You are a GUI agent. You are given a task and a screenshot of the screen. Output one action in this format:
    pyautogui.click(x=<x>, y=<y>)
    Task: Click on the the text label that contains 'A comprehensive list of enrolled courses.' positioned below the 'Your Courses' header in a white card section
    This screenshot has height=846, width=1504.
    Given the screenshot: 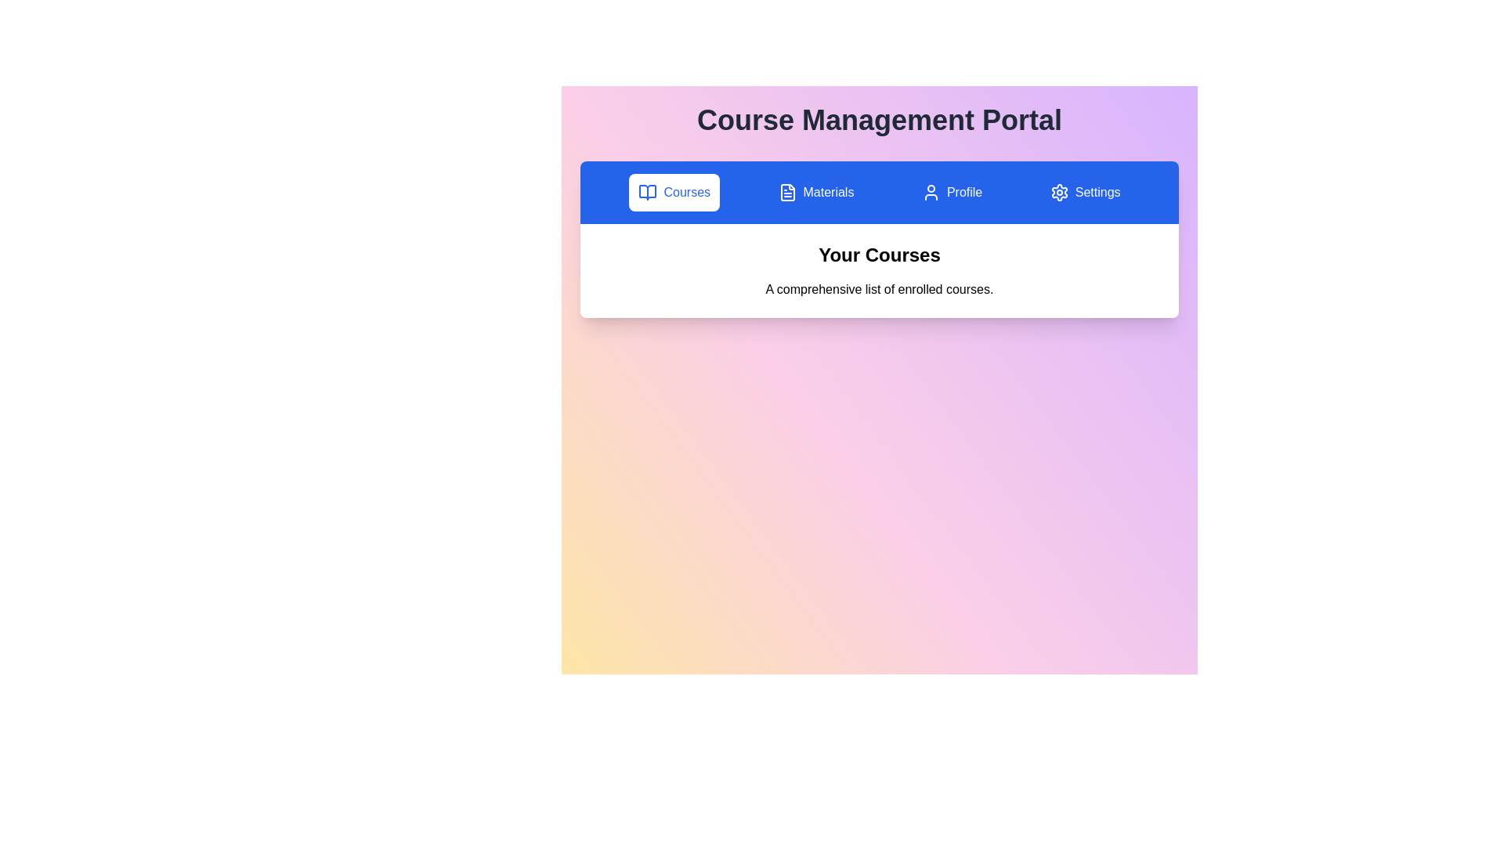 What is the action you would take?
    pyautogui.click(x=880, y=290)
    